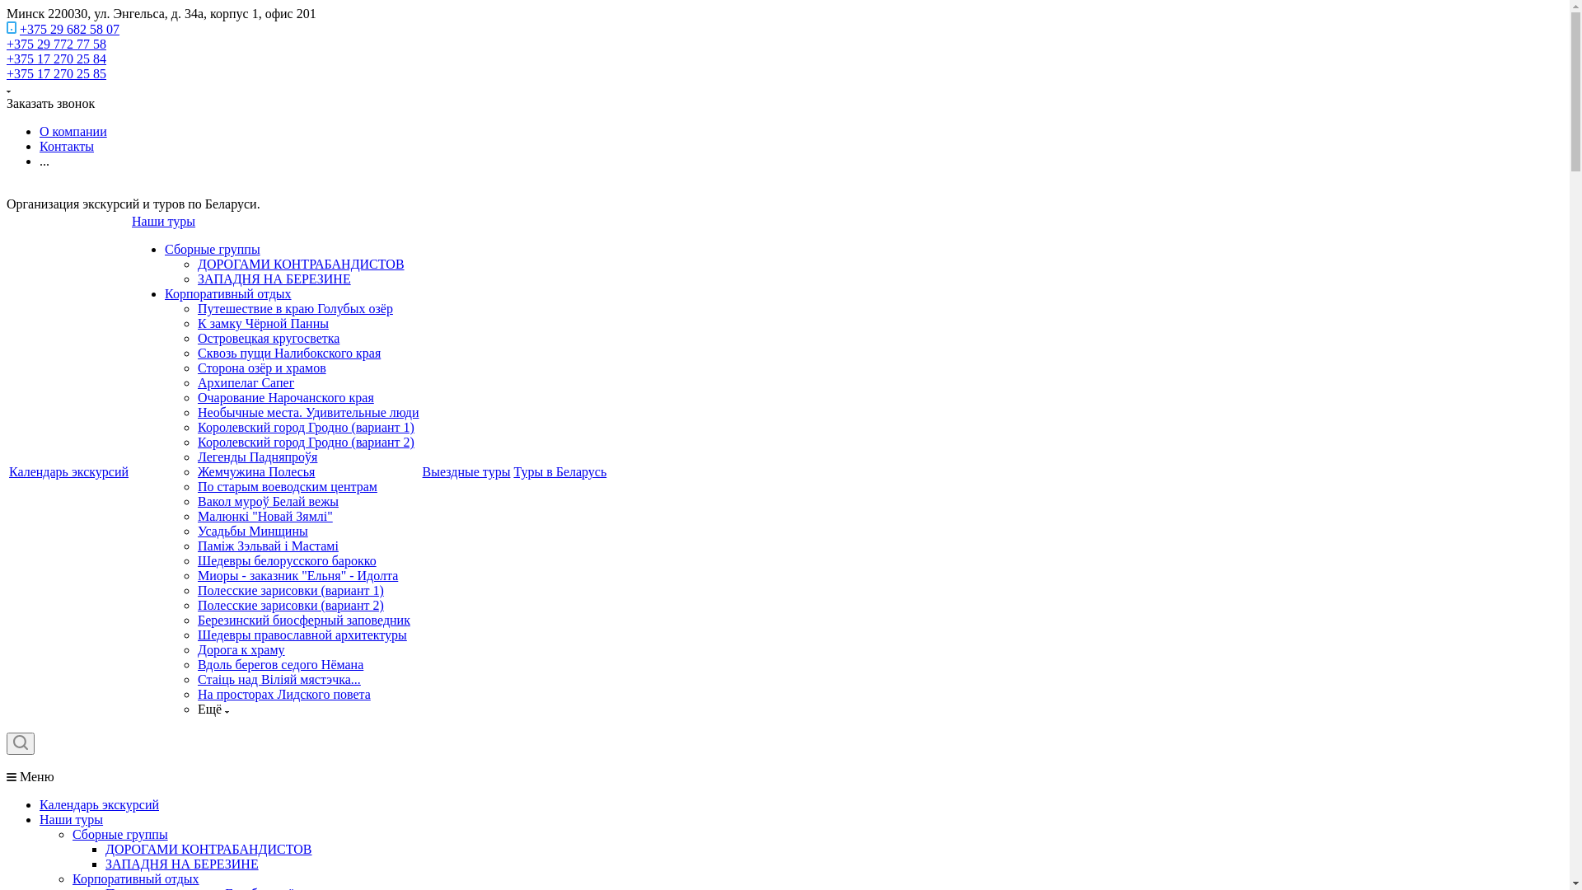 The height and width of the screenshot is (890, 1582). Describe the element at coordinates (68, 29) in the screenshot. I see `'+375 29 682 58 07'` at that location.